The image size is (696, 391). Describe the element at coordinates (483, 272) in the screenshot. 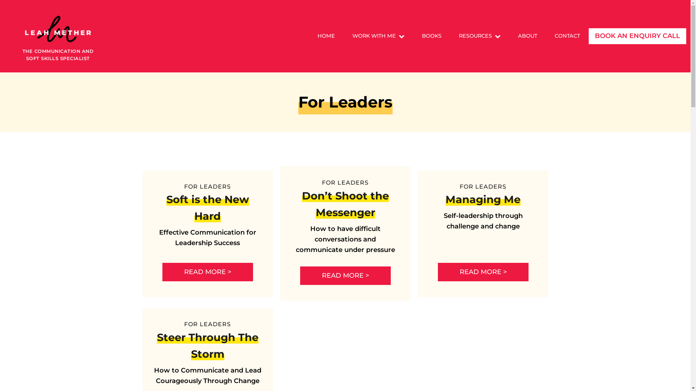

I see `'READ MORE >'` at that location.